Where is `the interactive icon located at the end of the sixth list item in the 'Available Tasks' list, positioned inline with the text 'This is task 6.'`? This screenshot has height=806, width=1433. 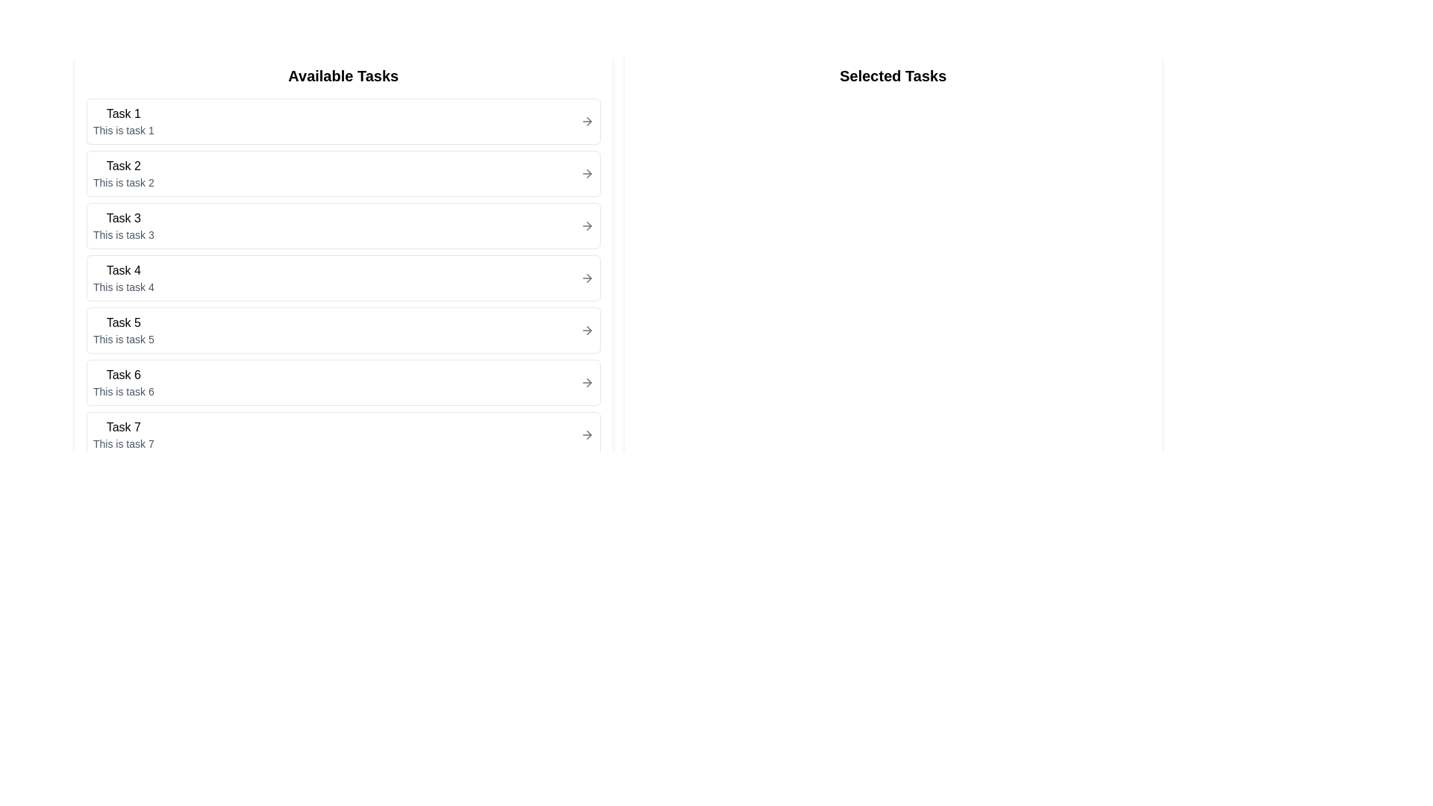 the interactive icon located at the end of the sixth list item in the 'Available Tasks' list, positioned inline with the text 'This is task 6.' is located at coordinates (586, 382).